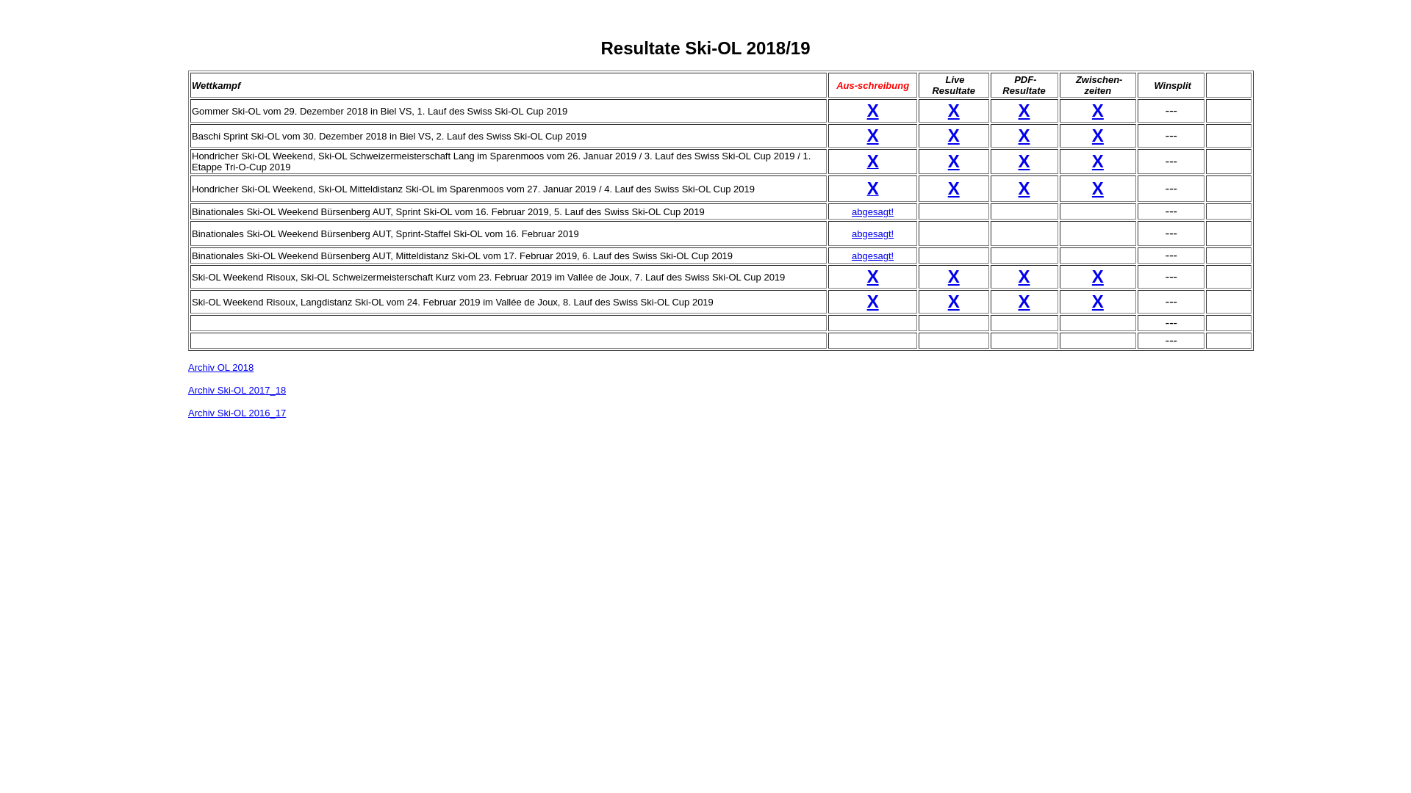 Image resolution: width=1411 pixels, height=793 pixels. What do you see at coordinates (873, 163) in the screenshot?
I see `'X'` at bounding box center [873, 163].